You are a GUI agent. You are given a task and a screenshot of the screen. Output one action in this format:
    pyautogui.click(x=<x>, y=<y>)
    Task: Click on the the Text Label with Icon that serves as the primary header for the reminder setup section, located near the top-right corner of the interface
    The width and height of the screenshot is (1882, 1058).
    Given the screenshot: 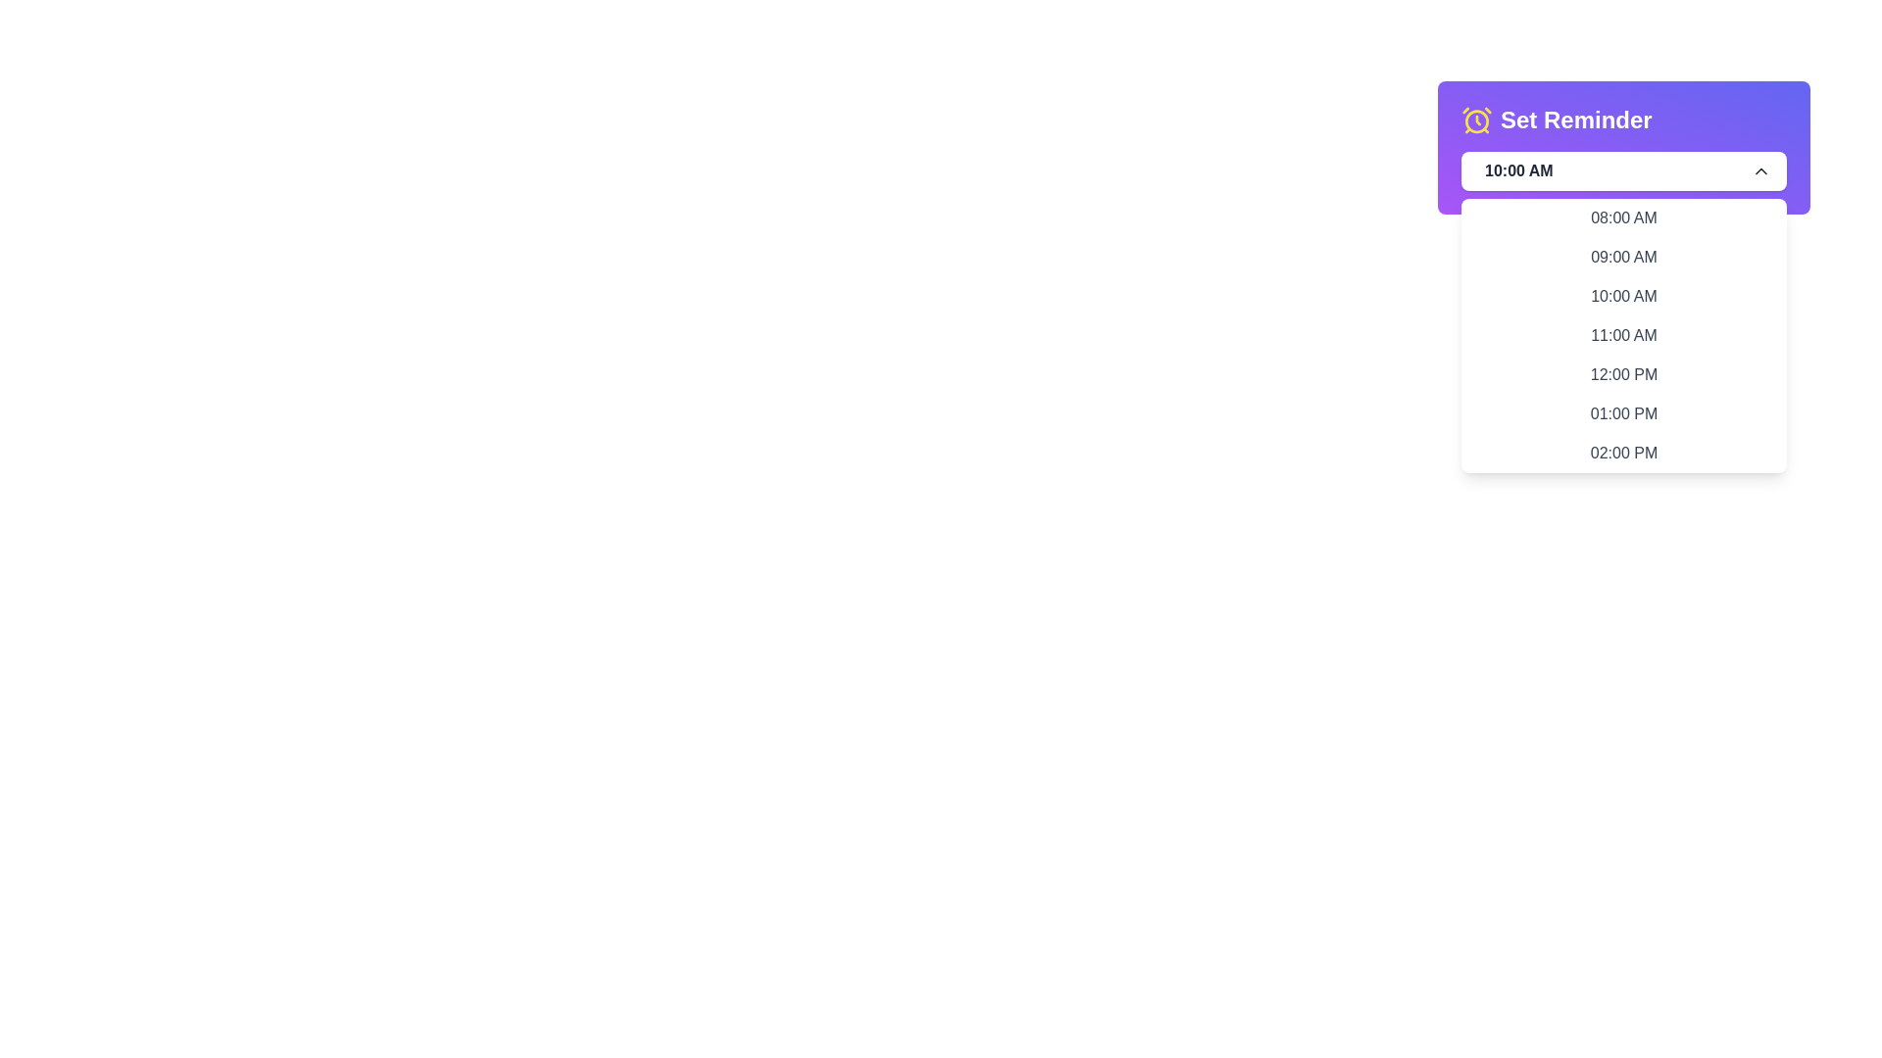 What is the action you would take?
    pyautogui.click(x=1556, y=120)
    